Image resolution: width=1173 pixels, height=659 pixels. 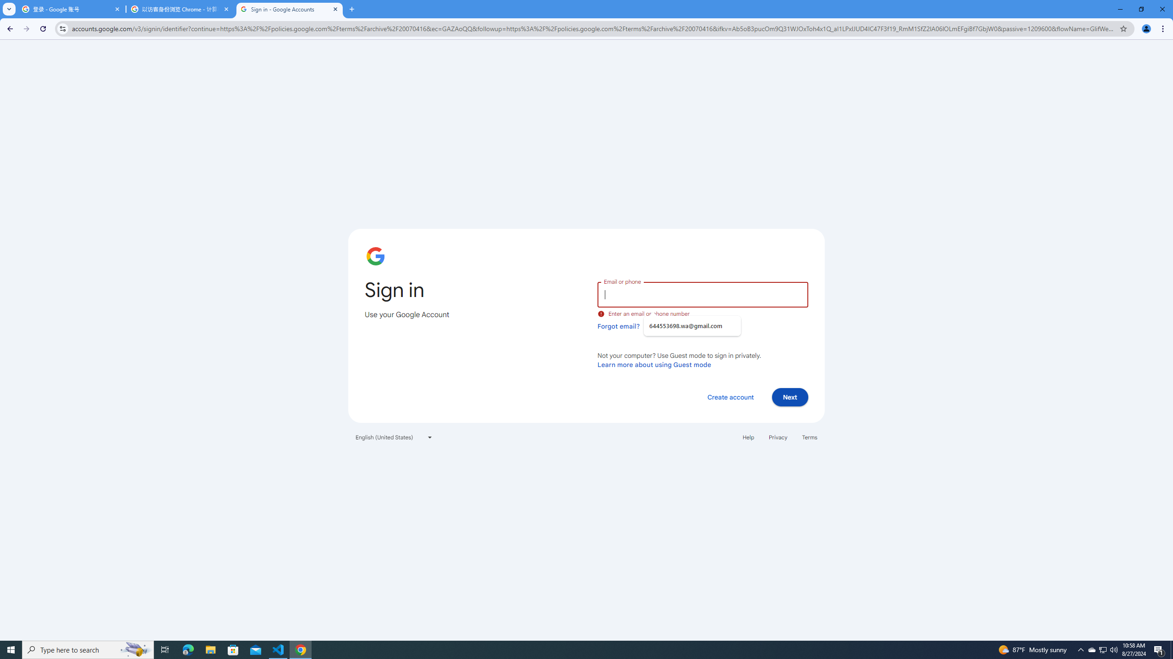 I want to click on 'Learn more about using Guest mode', so click(x=654, y=364).